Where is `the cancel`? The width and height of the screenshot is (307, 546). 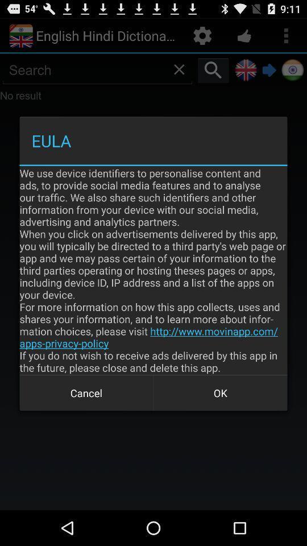
the cancel is located at coordinates (86, 393).